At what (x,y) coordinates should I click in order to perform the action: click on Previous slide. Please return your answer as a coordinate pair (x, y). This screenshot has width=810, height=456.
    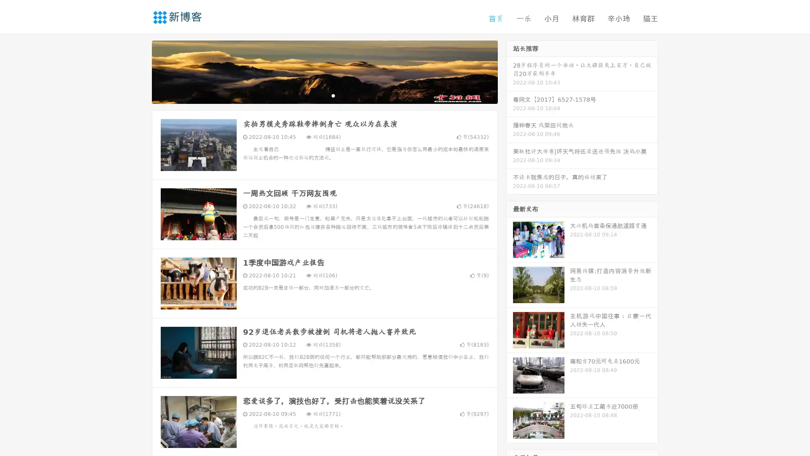
    Looking at the image, I should click on (139, 71).